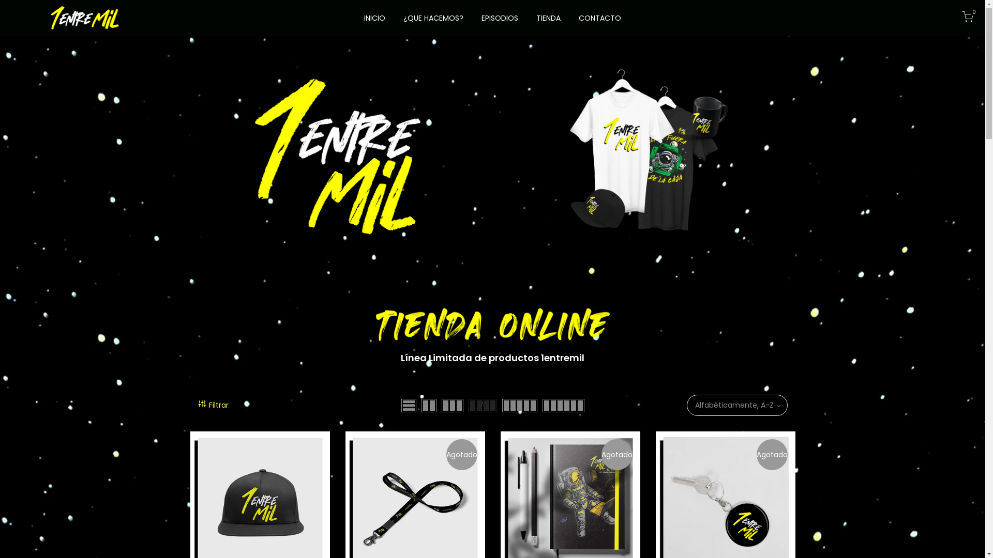 Image resolution: width=993 pixels, height=558 pixels. What do you see at coordinates (548, 18) in the screenshot?
I see `'TIENDA'` at bounding box center [548, 18].